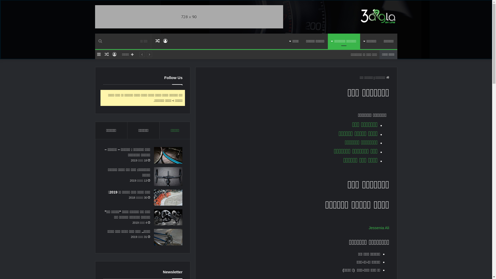 This screenshot has height=279, width=496. Describe the element at coordinates (379, 231) in the screenshot. I see `'Jessenia Ali'` at that location.